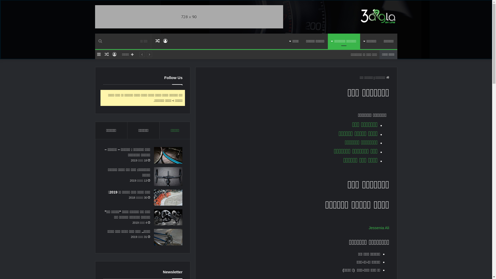 This screenshot has height=279, width=496. Describe the element at coordinates (379, 231) in the screenshot. I see `'Jessenia Ali'` at that location.